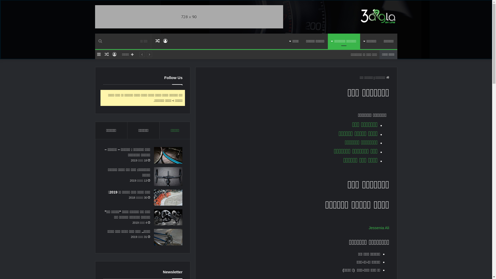 This screenshot has height=279, width=496. Describe the element at coordinates (379, 231) in the screenshot. I see `'Jessenia Ali'` at that location.